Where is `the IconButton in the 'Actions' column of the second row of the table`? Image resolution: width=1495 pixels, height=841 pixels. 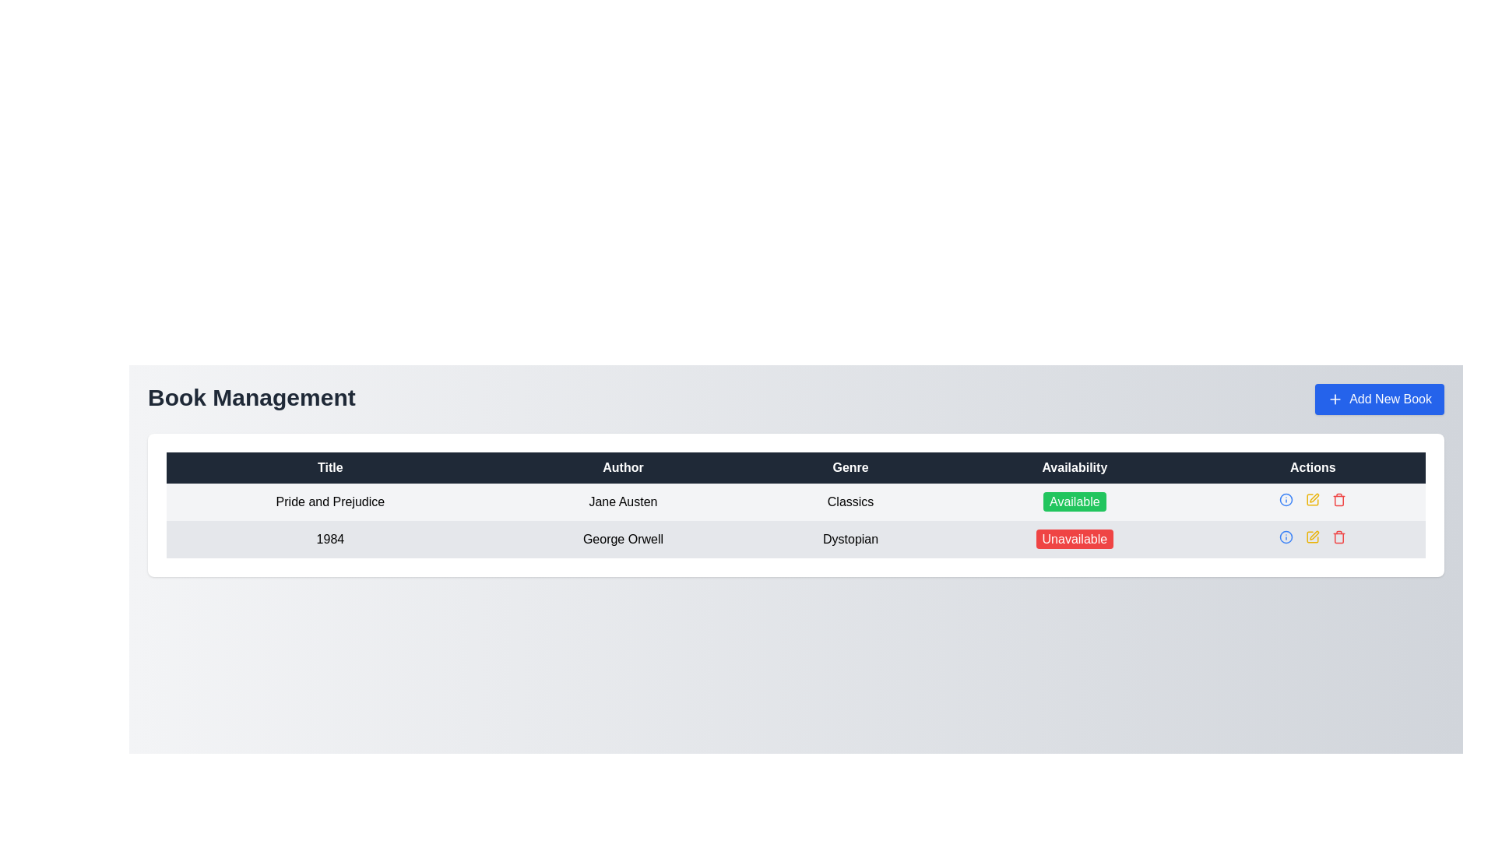 the IconButton in the 'Actions' column of the second row of the table is located at coordinates (1314, 498).